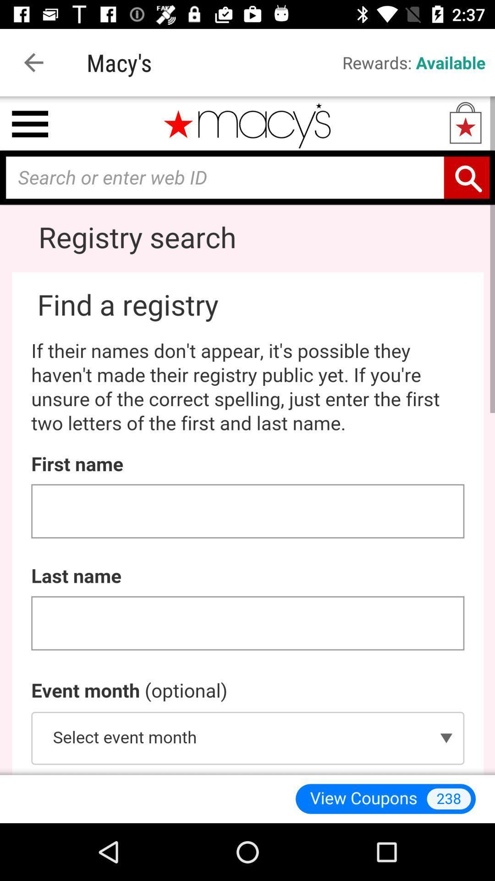 The height and width of the screenshot is (881, 495). Describe the element at coordinates (247, 435) in the screenshot. I see `registry search` at that location.